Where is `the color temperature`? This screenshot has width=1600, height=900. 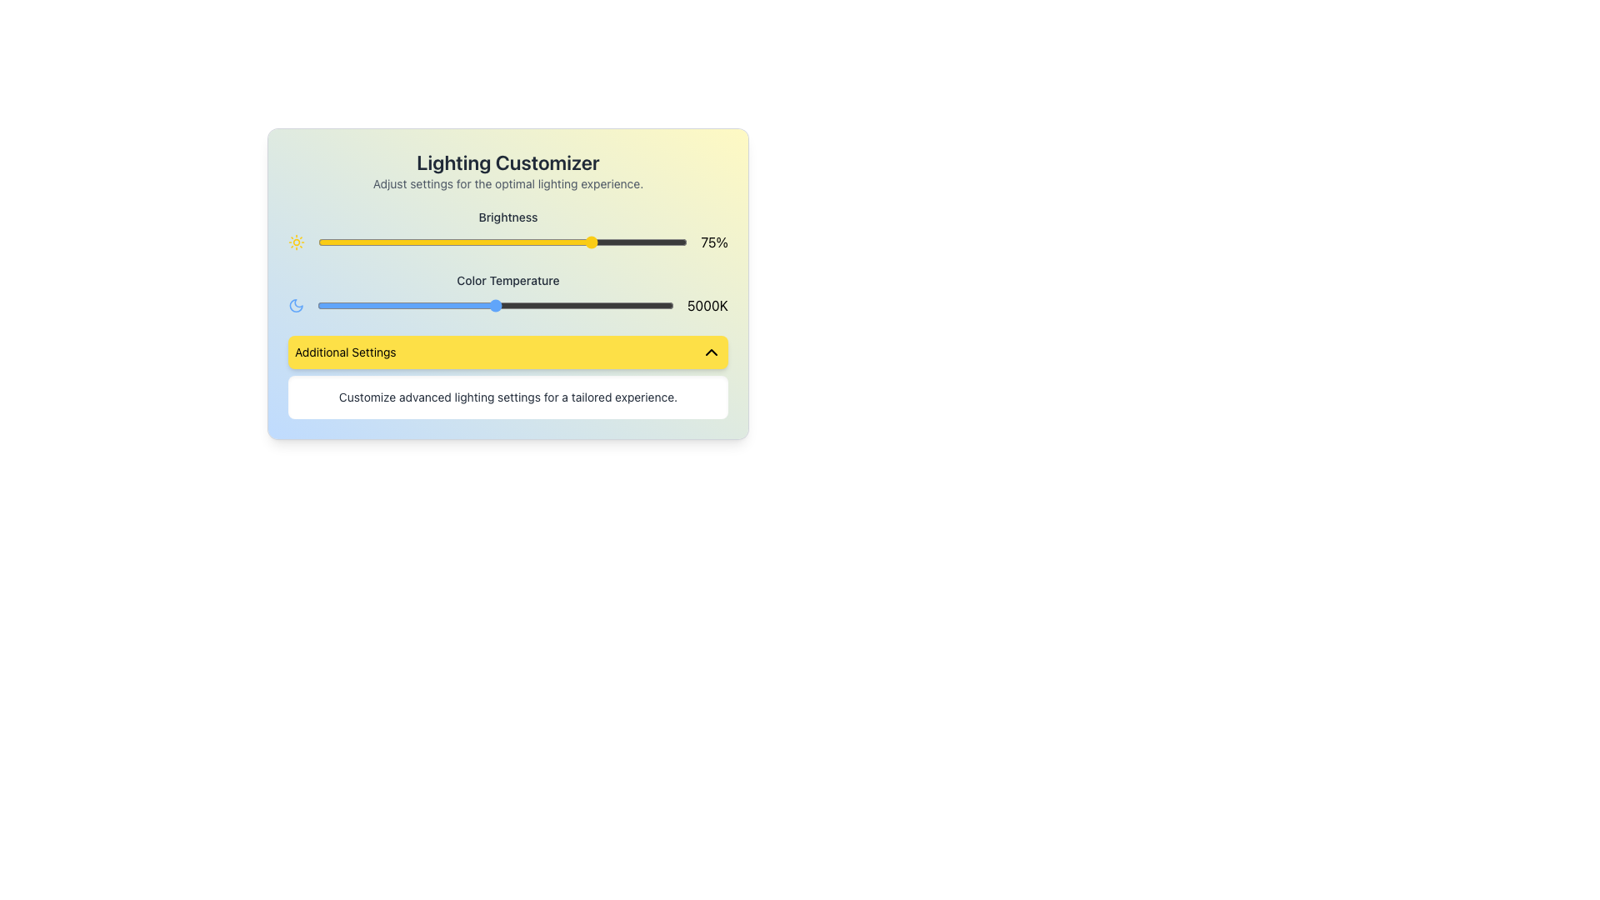
the color temperature is located at coordinates (422, 305).